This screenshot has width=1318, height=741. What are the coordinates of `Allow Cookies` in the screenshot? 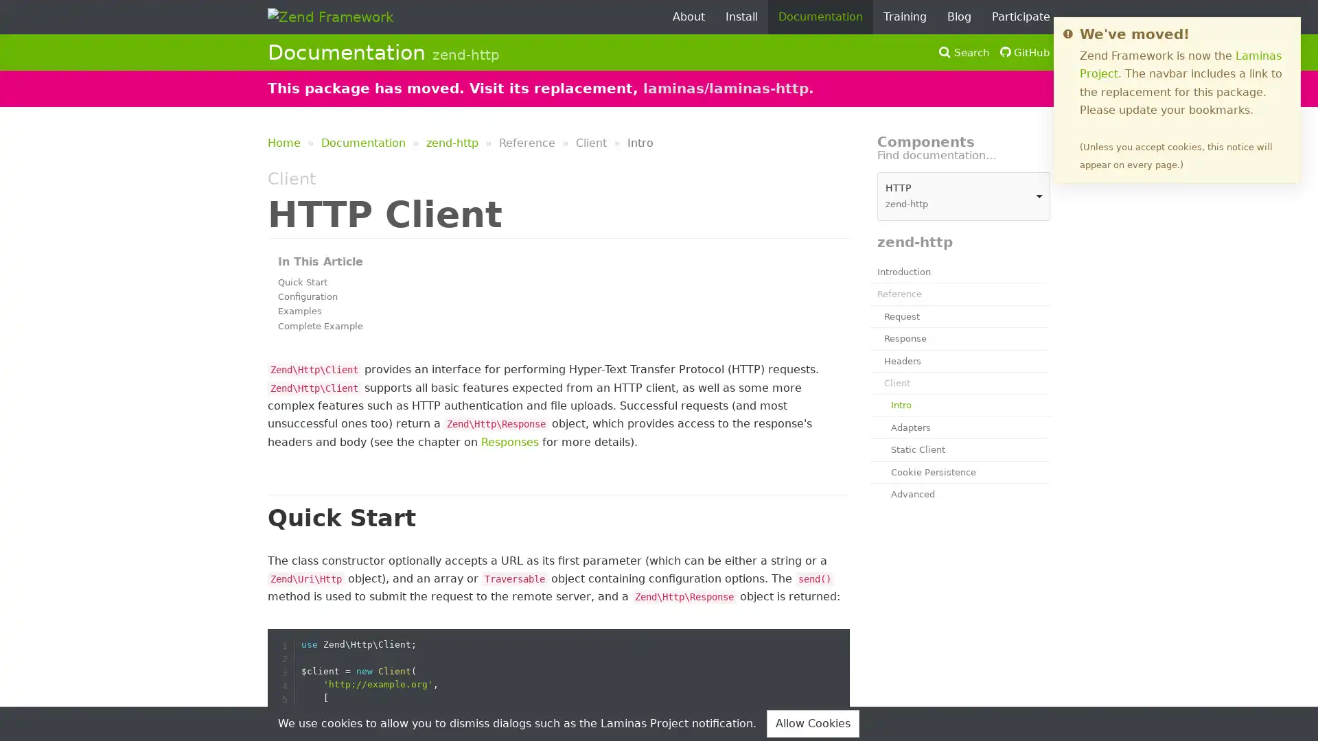 It's located at (813, 722).